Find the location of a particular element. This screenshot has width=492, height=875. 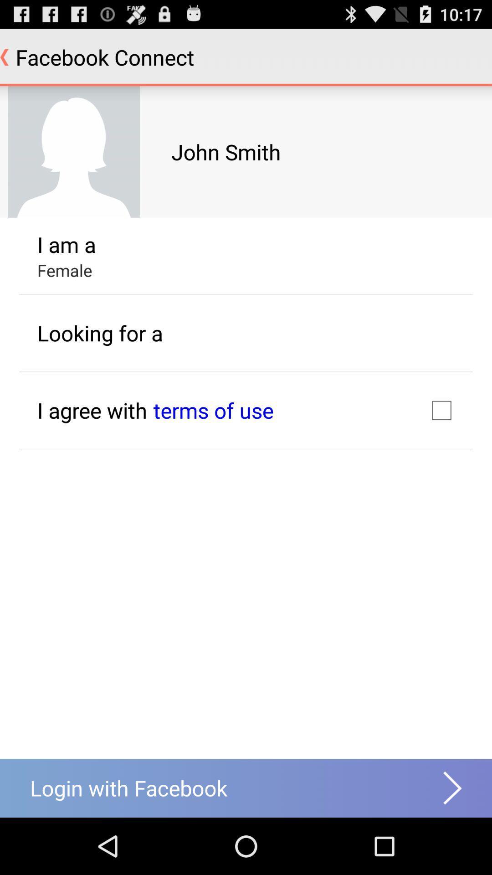

the item to the right of the terms of use item is located at coordinates (441, 410).